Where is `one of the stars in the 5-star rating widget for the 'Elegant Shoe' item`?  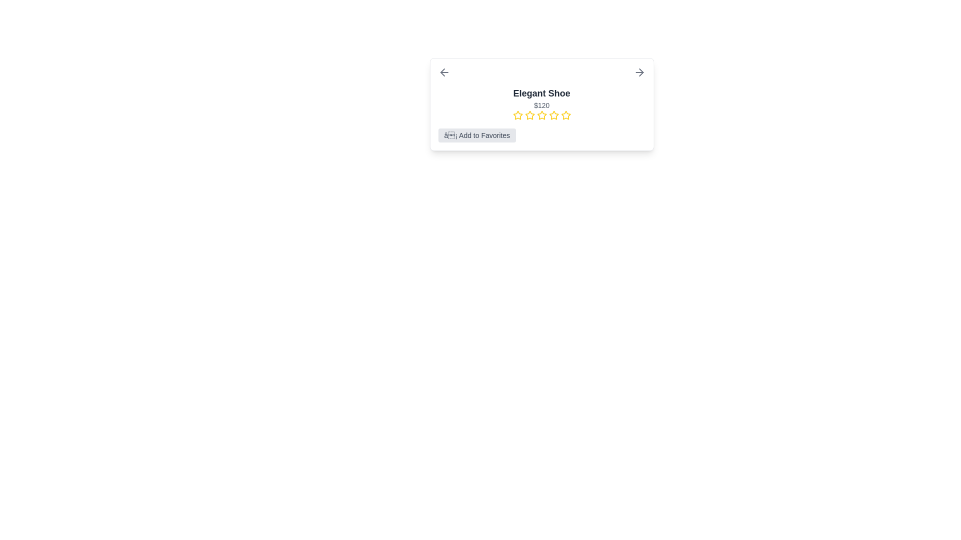
one of the stars in the 5-star rating widget for the 'Elegant Shoe' item is located at coordinates (541, 115).